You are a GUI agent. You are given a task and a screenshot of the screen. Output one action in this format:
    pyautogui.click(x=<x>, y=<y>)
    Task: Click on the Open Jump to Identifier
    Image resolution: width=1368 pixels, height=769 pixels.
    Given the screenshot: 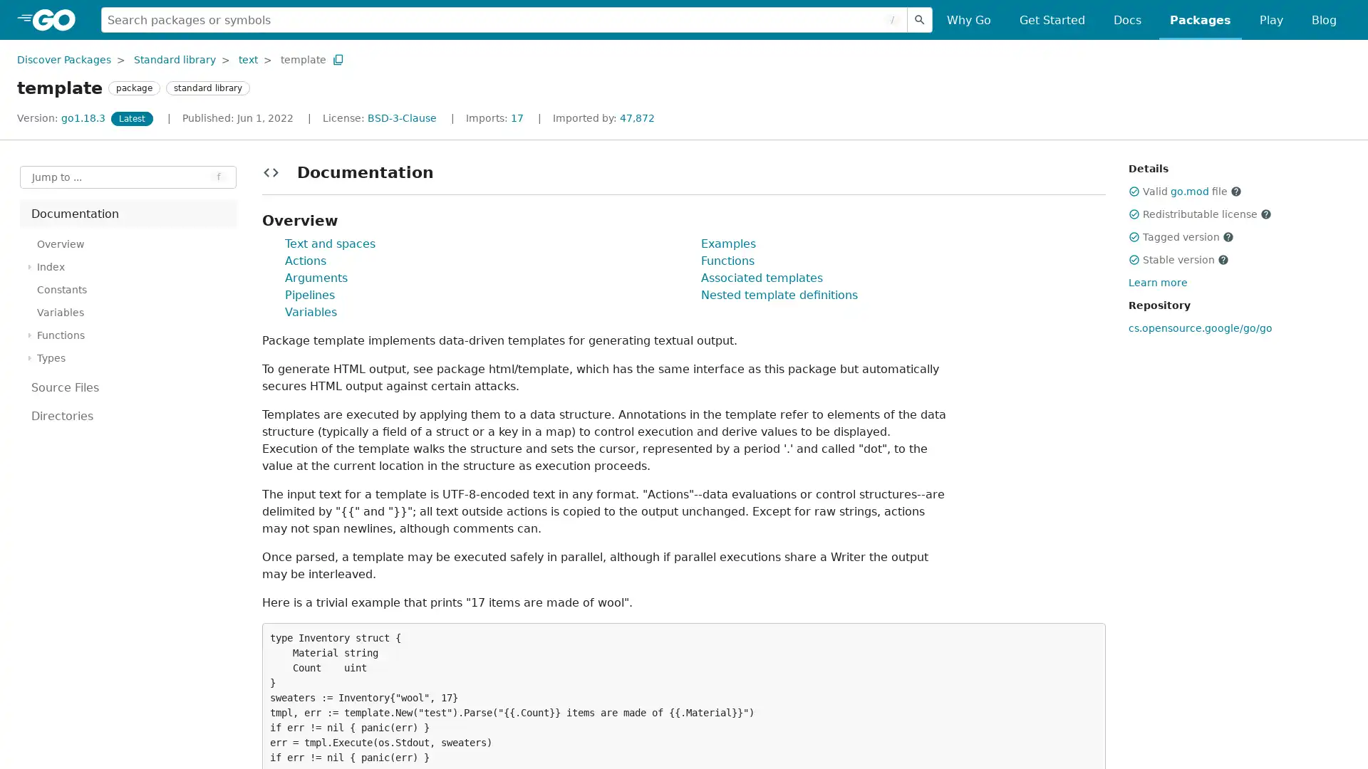 What is the action you would take?
    pyautogui.click(x=128, y=177)
    